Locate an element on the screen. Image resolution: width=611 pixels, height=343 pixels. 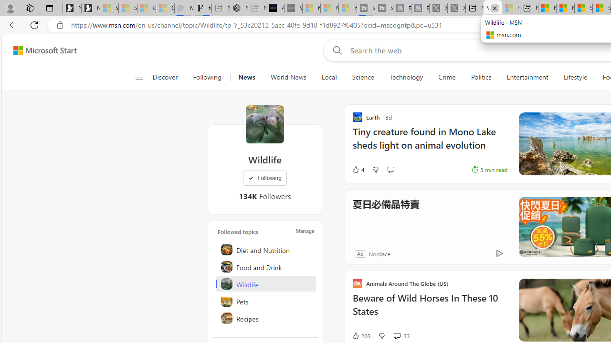
'Skip to content' is located at coordinates (41, 50).